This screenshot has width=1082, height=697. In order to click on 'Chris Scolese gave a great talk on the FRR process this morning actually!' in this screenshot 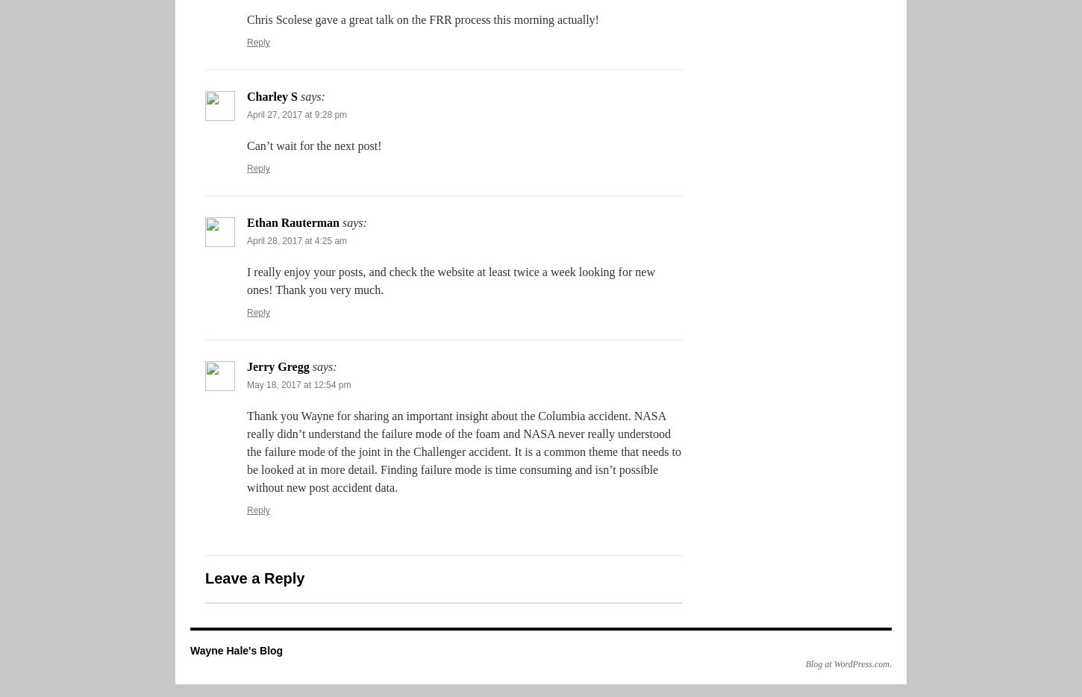, I will do `click(422, 19)`.